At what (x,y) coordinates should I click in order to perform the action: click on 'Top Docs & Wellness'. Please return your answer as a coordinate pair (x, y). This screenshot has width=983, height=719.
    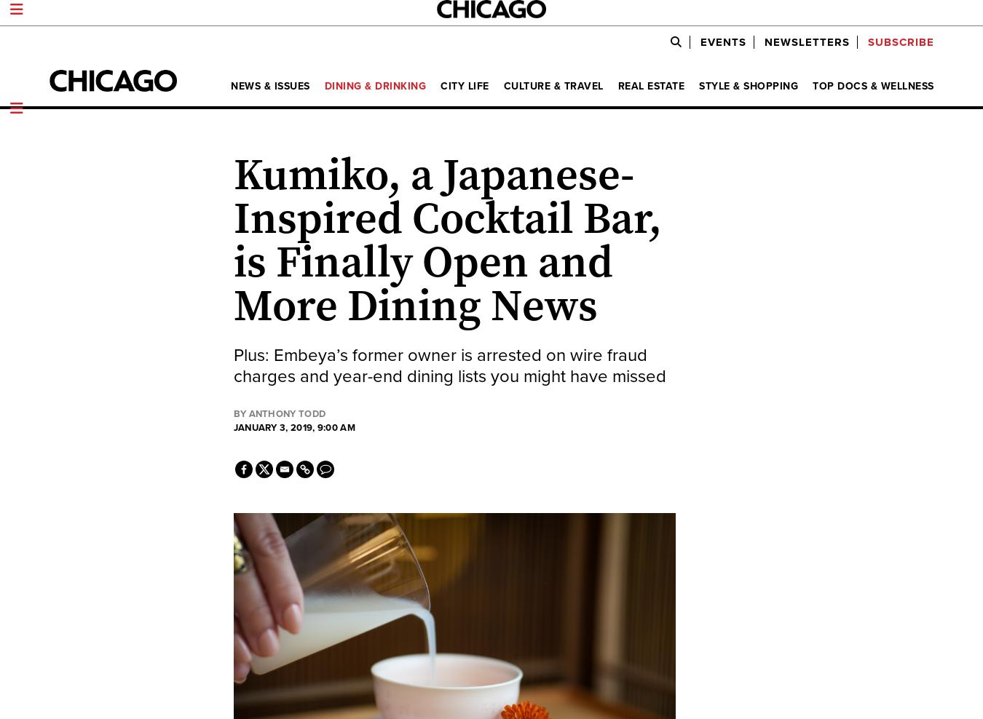
    Looking at the image, I should click on (813, 86).